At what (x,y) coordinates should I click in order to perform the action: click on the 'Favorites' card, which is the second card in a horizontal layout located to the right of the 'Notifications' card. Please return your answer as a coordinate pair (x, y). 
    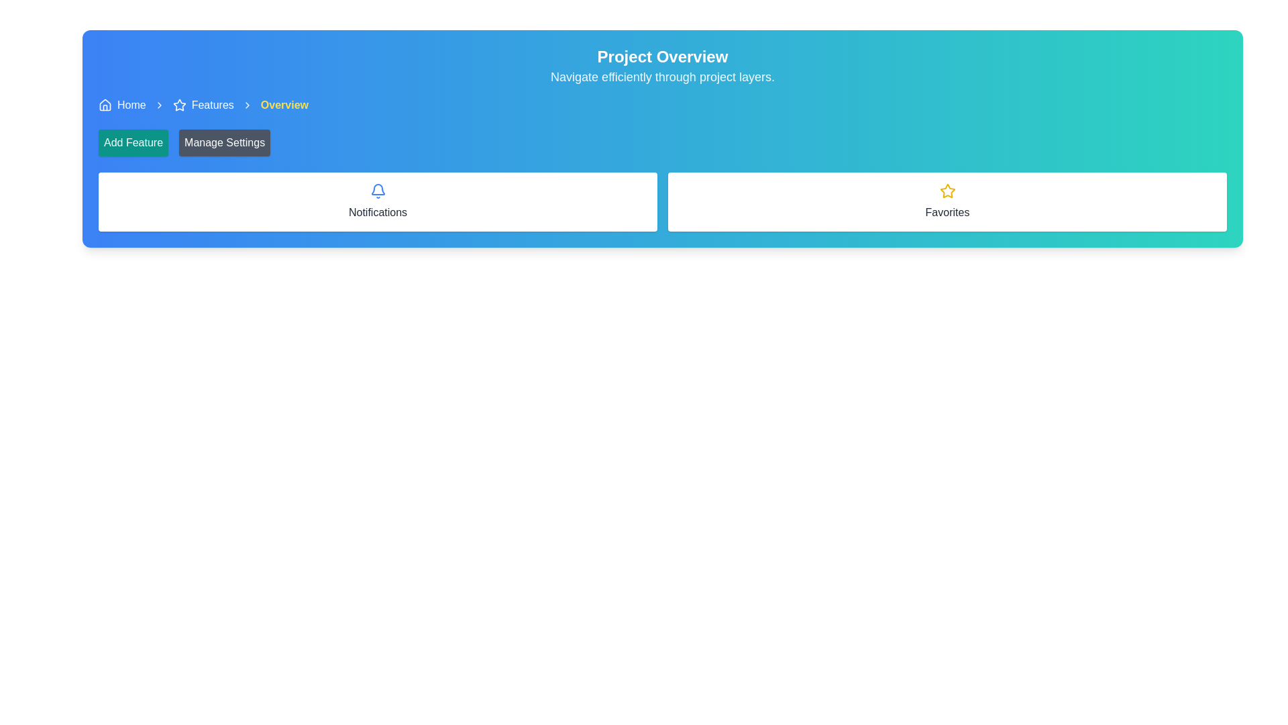
    Looking at the image, I should click on (947, 201).